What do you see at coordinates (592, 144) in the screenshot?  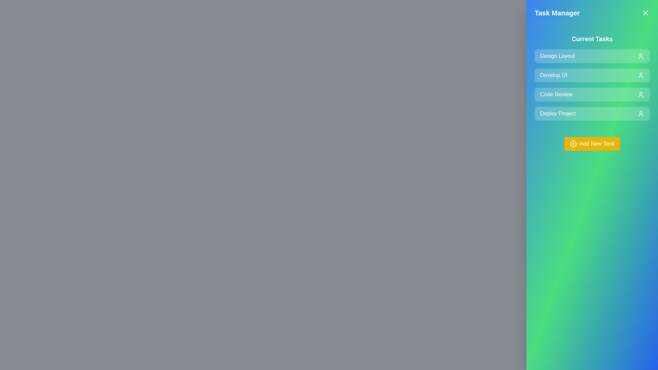 I see `the 'Add New Task' button, which is a vibrant yellow button with a white plus icon and text, located at the bottom of the task manager panel` at bounding box center [592, 144].